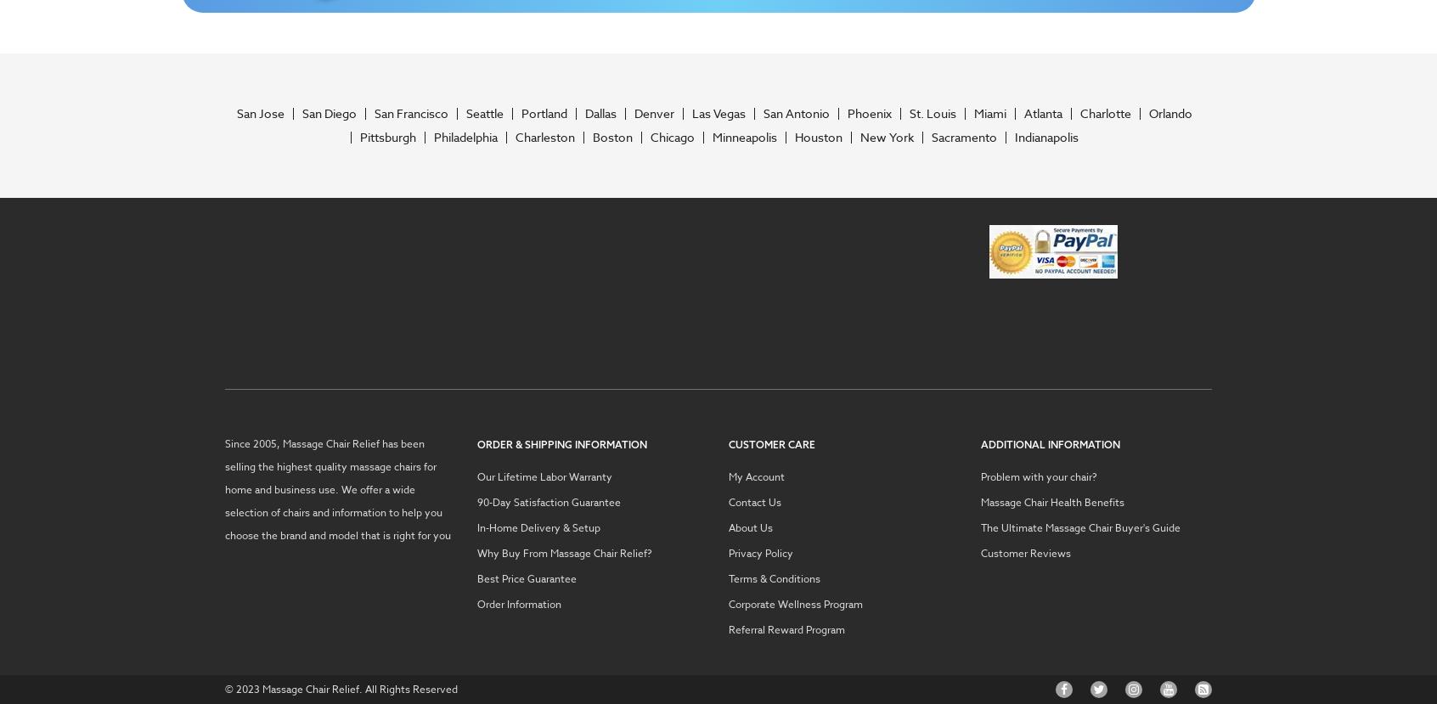 The image size is (1437, 704). Describe the element at coordinates (770, 442) in the screenshot. I see `'Customer Care'` at that location.